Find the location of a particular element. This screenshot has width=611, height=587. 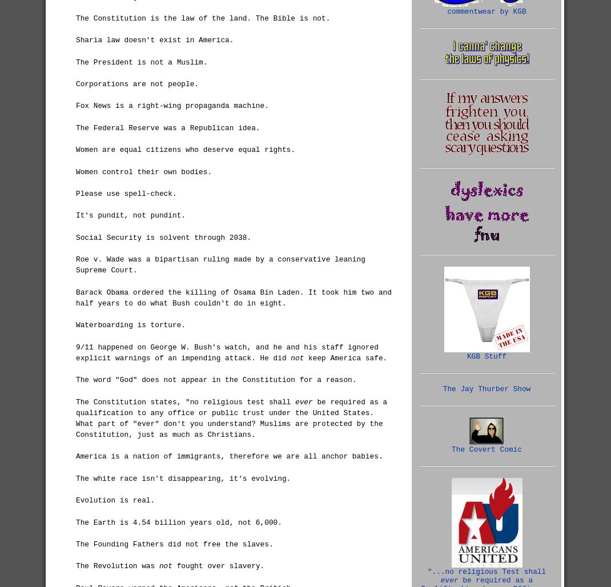

'The Federal Reserve was a Republican idea.' is located at coordinates (168, 127).